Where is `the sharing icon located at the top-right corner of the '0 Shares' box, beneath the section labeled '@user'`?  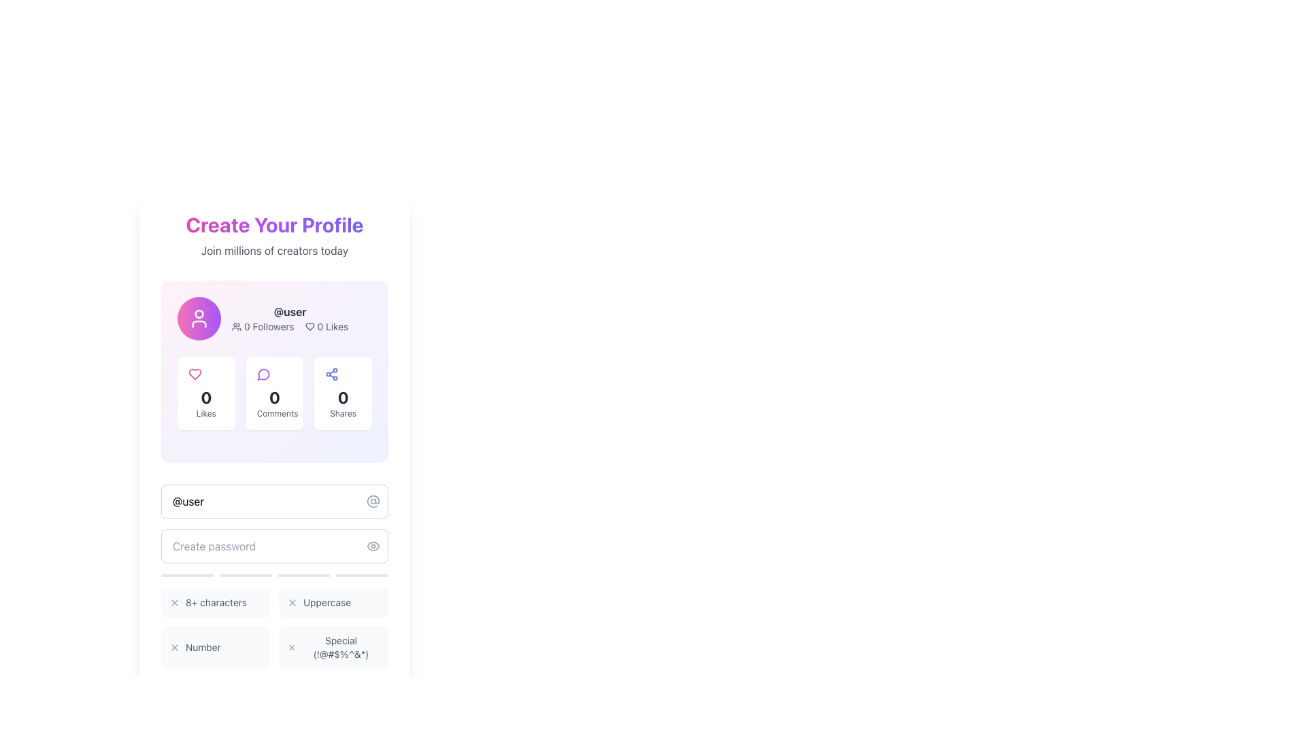
the sharing icon located at the top-right corner of the '0 Shares' box, beneath the section labeled '@user' is located at coordinates (332, 374).